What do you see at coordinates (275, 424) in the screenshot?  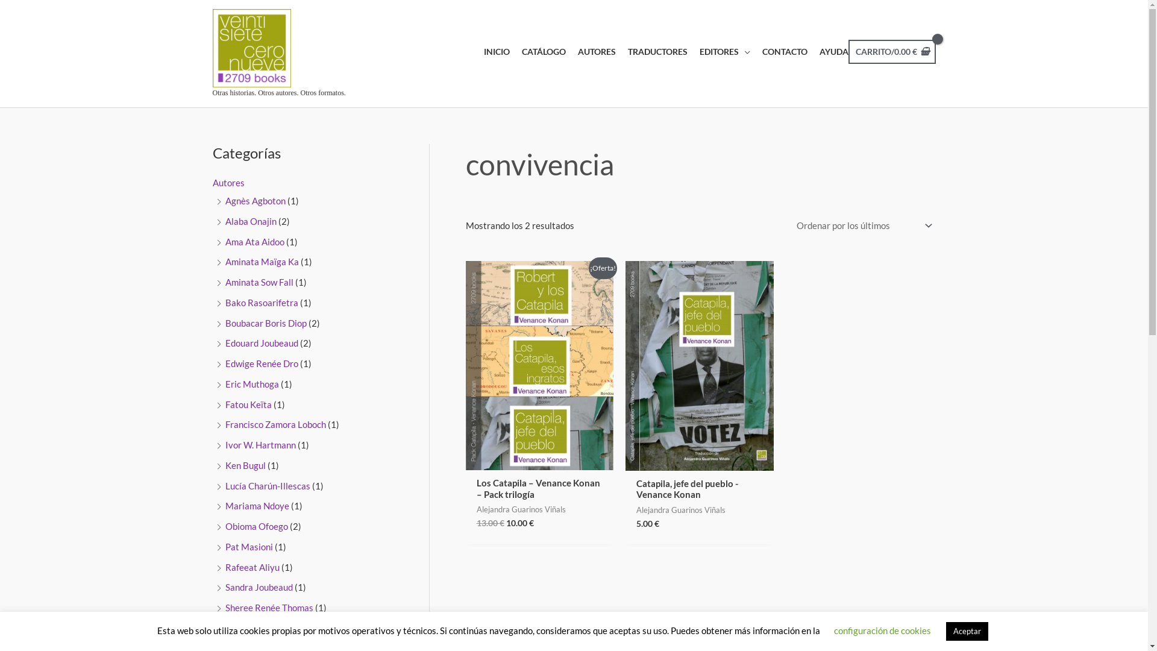 I see `'Francisco Zamora Loboch'` at bounding box center [275, 424].